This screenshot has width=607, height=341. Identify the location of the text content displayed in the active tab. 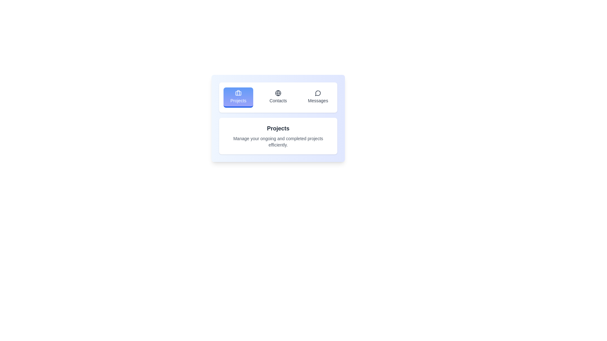
(278, 136).